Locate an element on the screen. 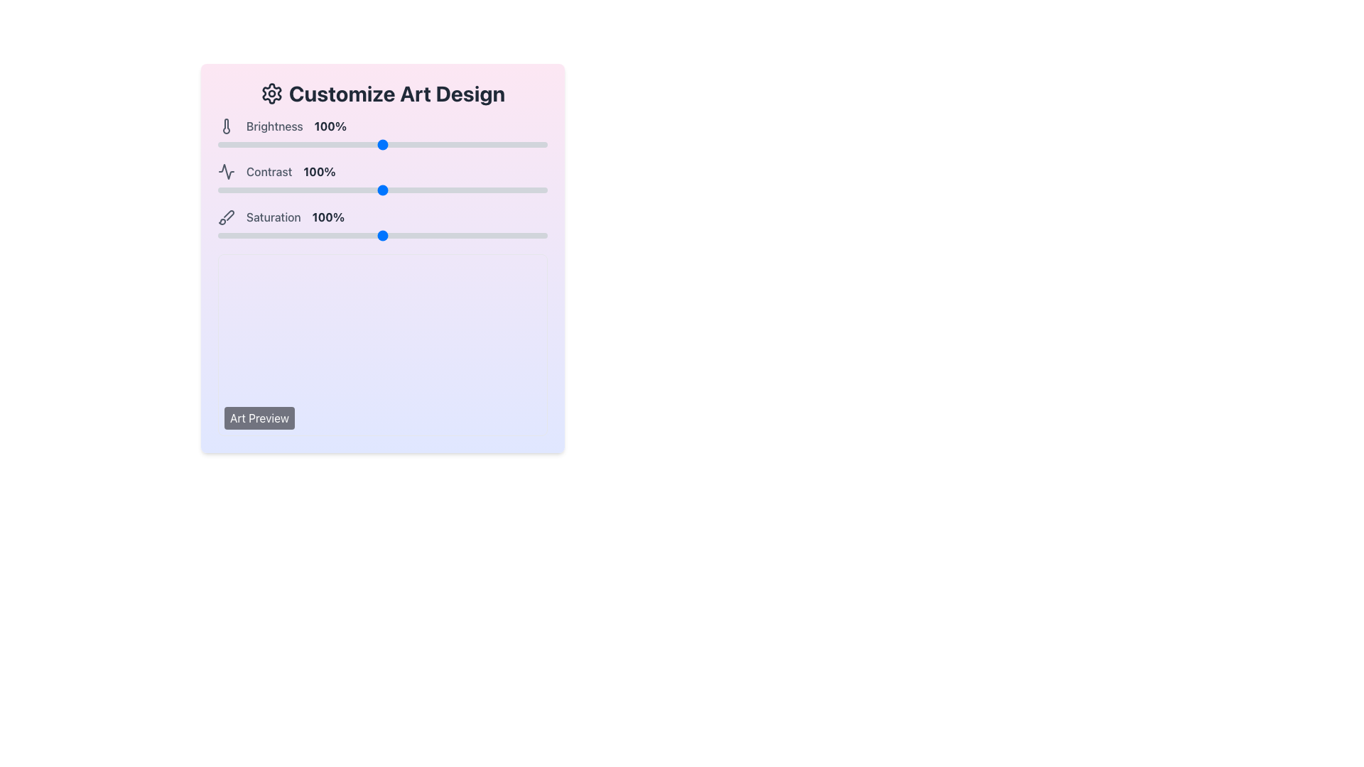  the saturation level is located at coordinates (301, 234).